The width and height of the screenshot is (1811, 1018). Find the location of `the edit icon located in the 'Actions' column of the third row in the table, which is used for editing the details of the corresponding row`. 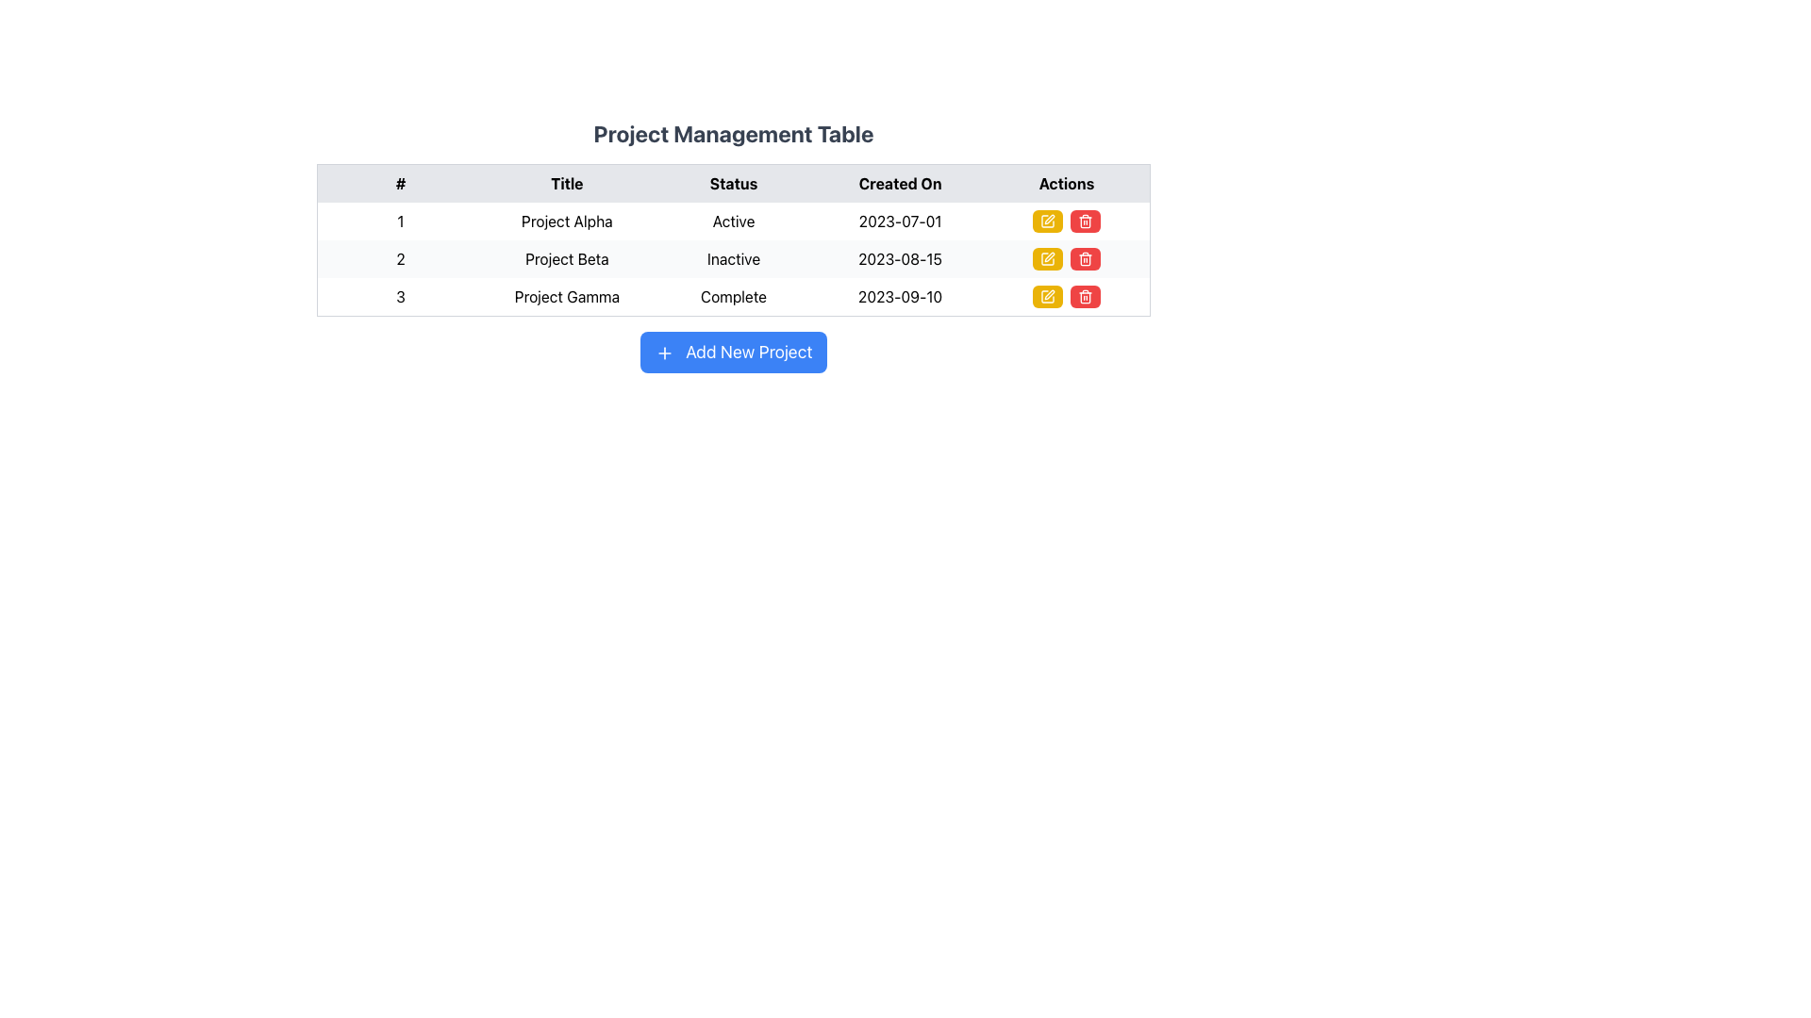

the edit icon located in the 'Actions' column of the third row in the table, which is used for editing the details of the corresponding row is located at coordinates (1049, 218).